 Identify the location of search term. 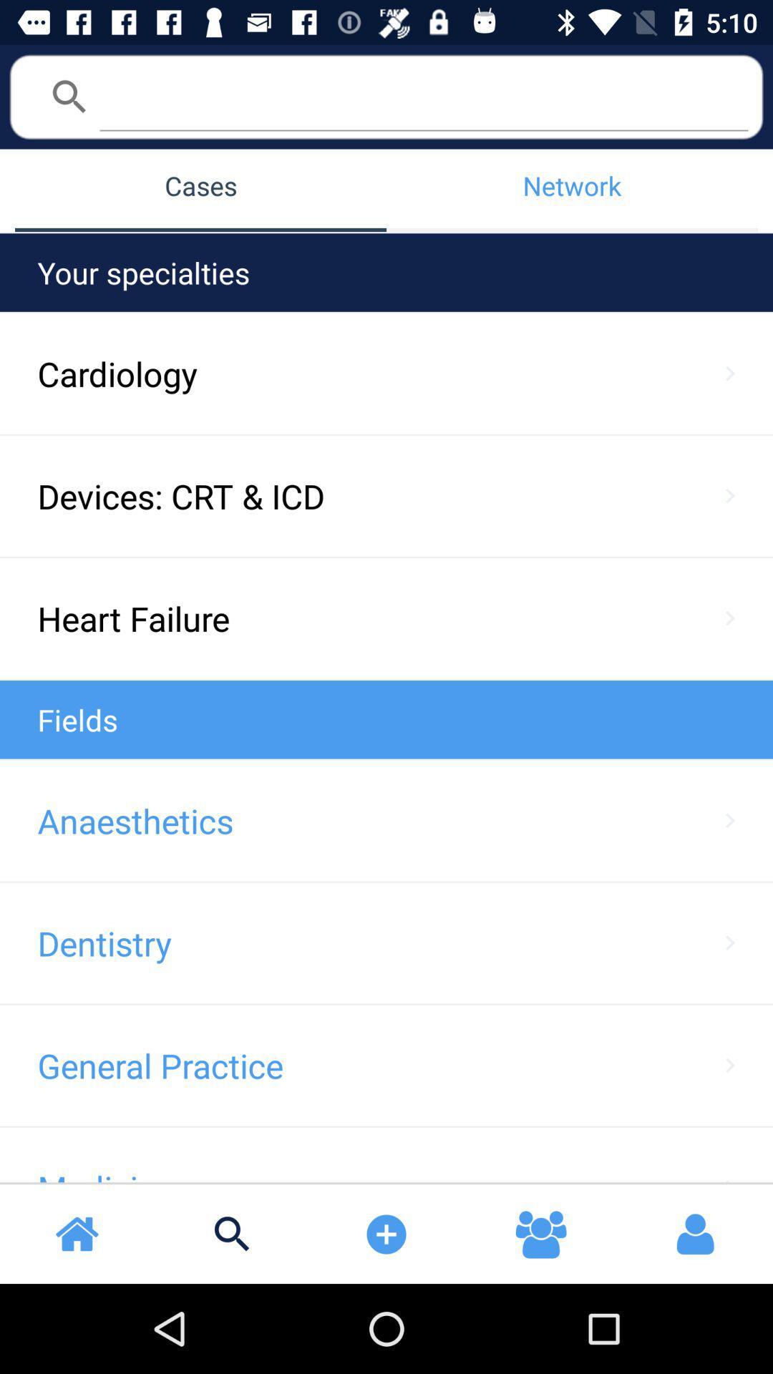
(423, 95).